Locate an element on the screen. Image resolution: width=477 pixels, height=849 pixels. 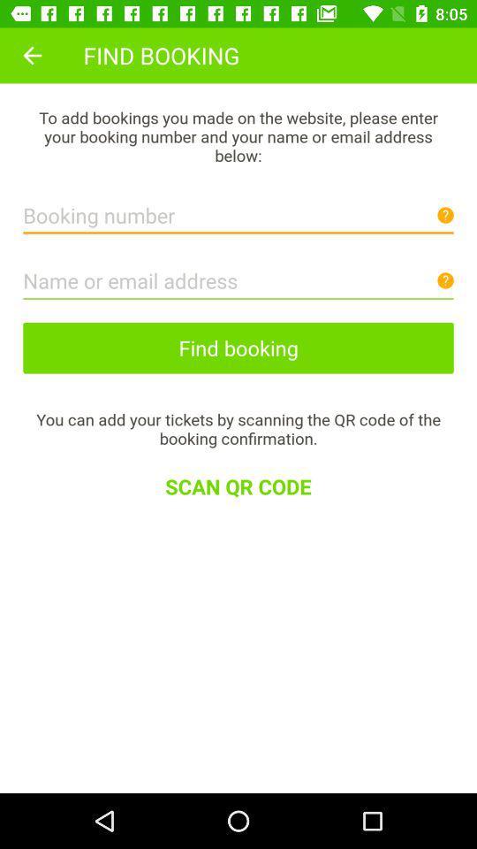
icon next to find booking item is located at coordinates (32, 55).